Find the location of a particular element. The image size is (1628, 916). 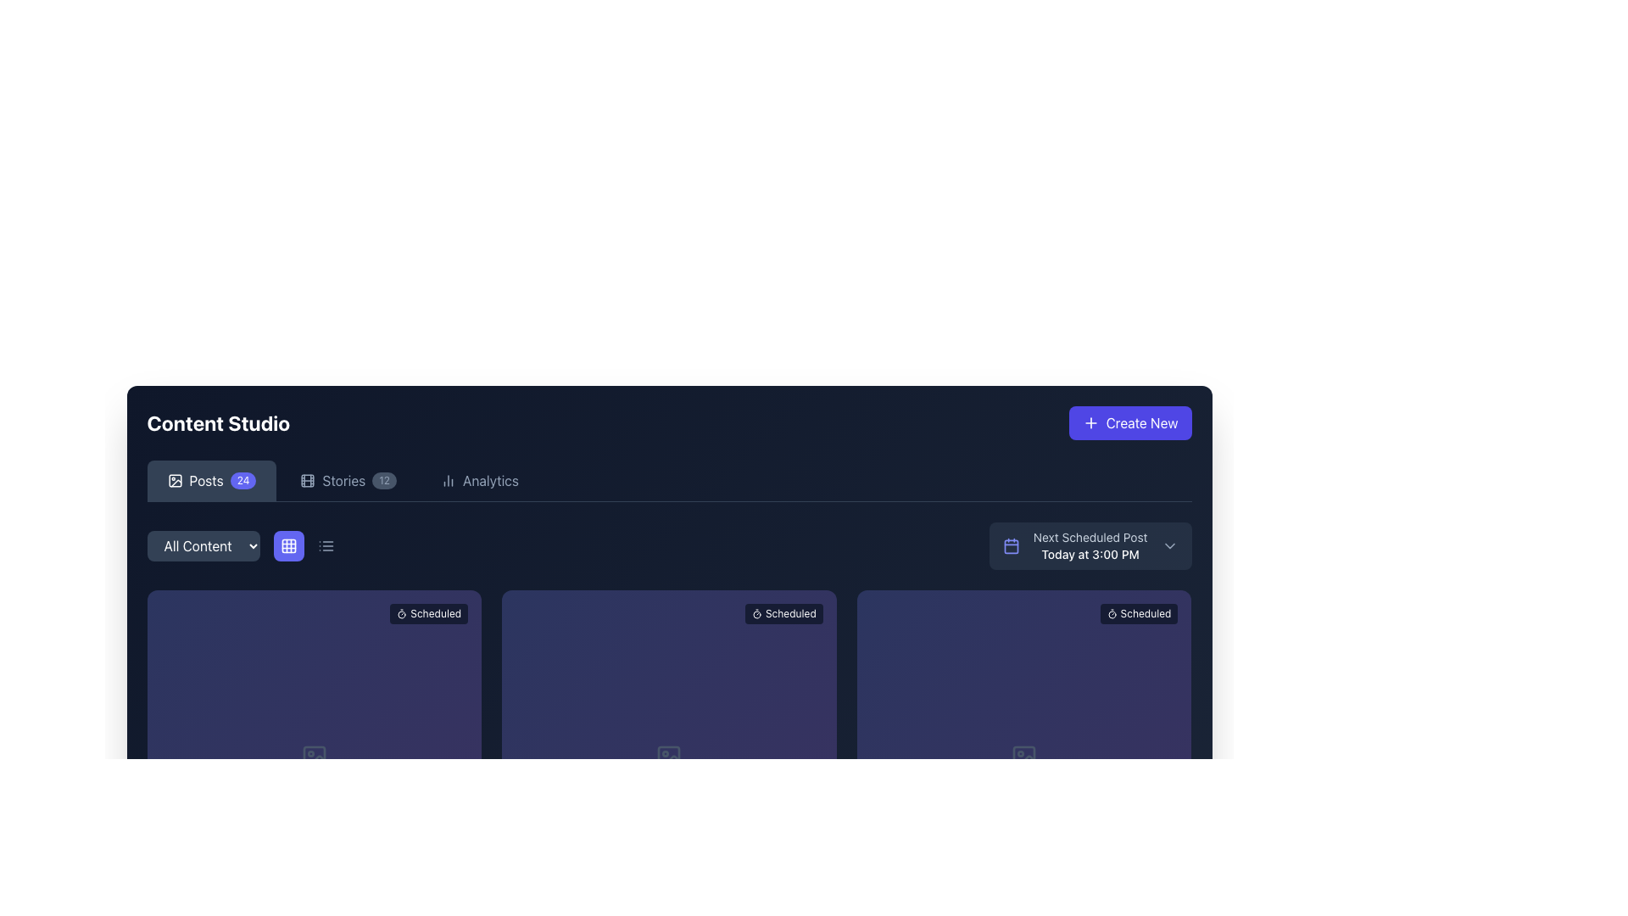

the static text label displaying 'Next Scheduled Post', which is aligned to the left in the upper right section of the interface is located at coordinates (1090, 537).